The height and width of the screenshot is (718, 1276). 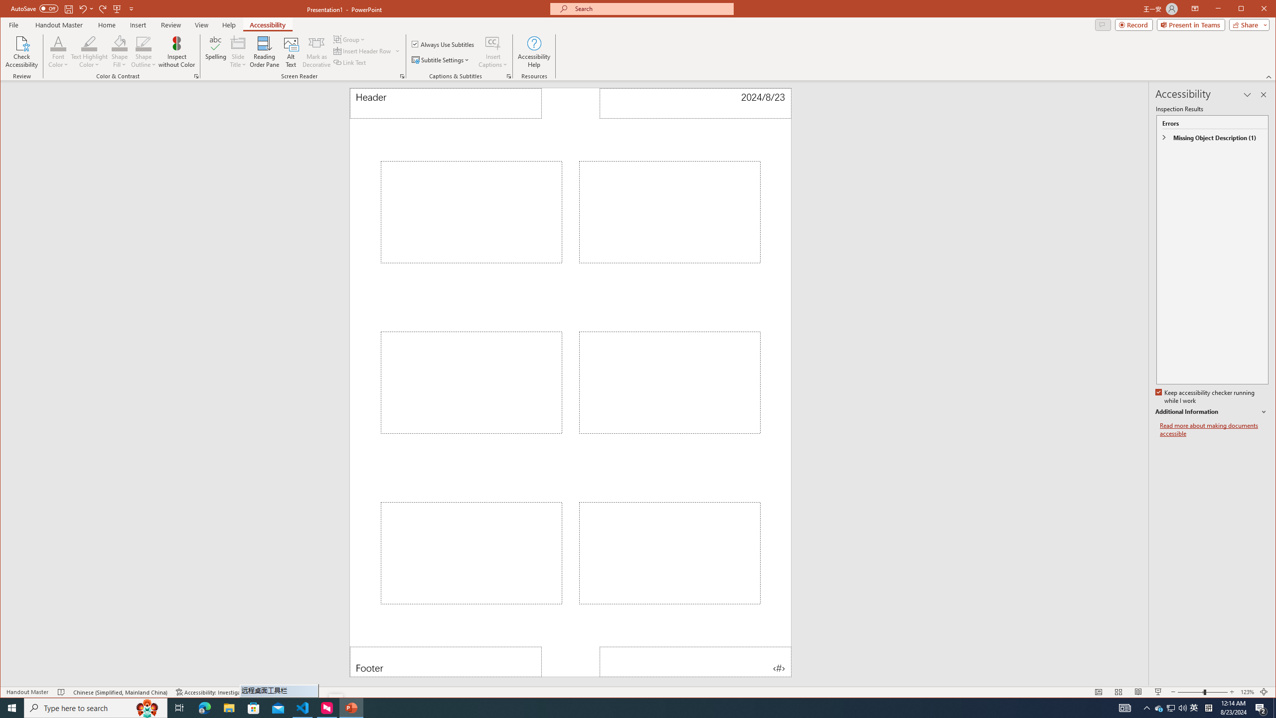 What do you see at coordinates (695, 103) in the screenshot?
I see `'Date'` at bounding box center [695, 103].